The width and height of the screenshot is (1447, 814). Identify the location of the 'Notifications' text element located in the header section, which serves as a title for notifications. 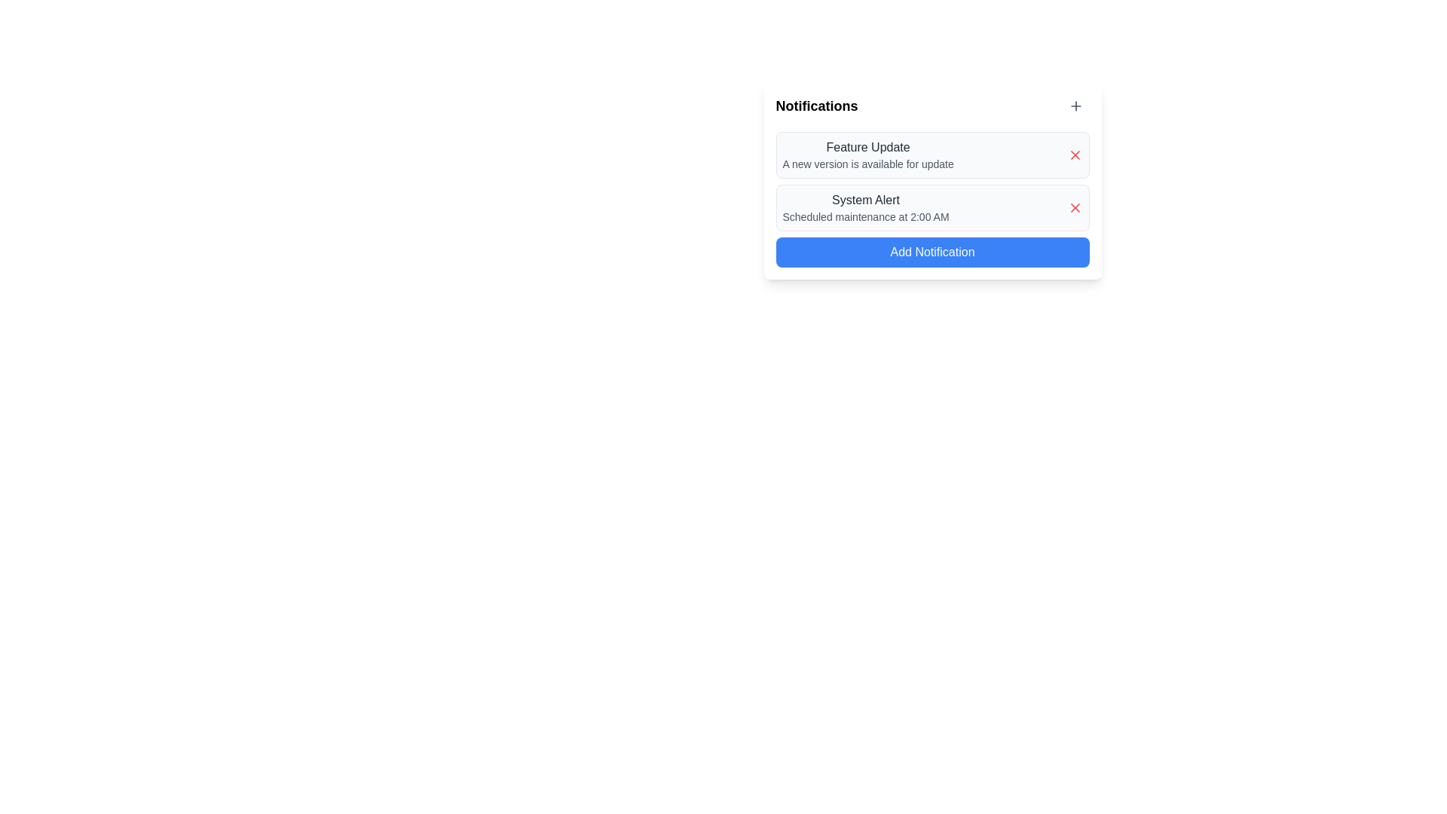
(816, 106).